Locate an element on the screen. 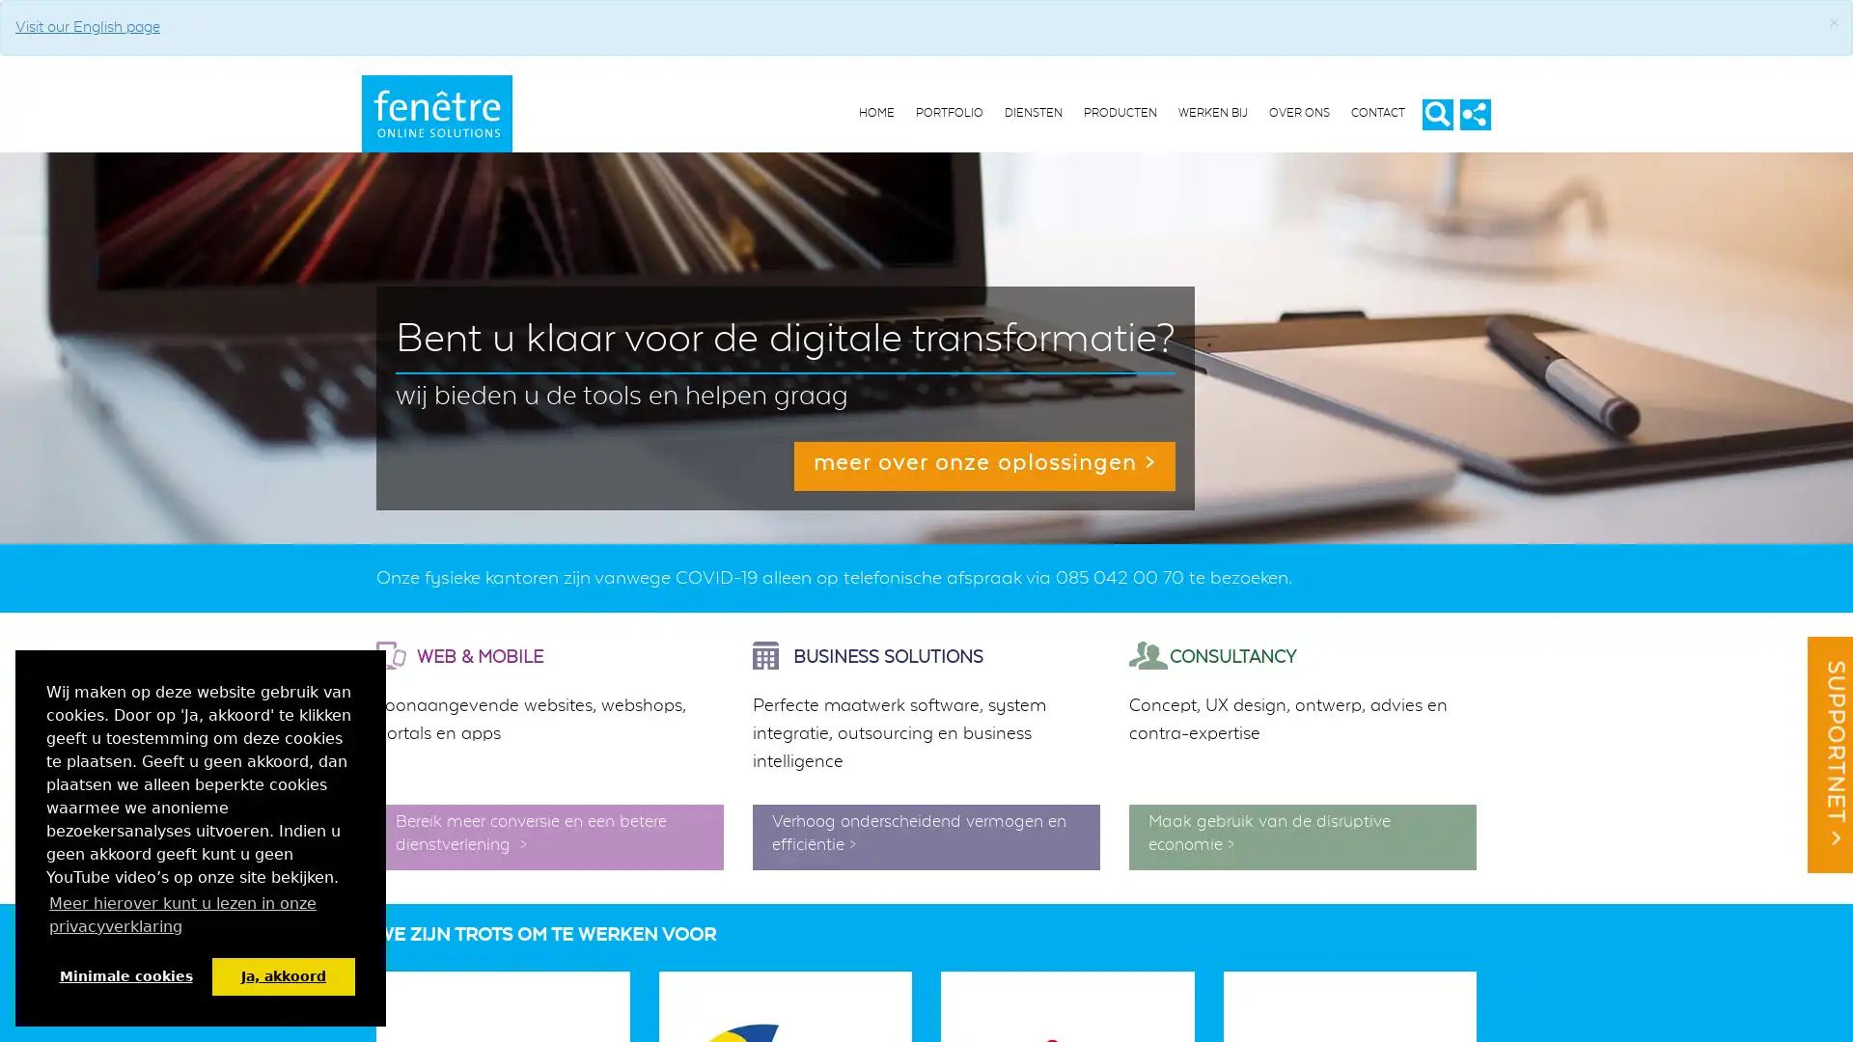 The image size is (1853, 1042). Close is located at coordinates (1833, 23).